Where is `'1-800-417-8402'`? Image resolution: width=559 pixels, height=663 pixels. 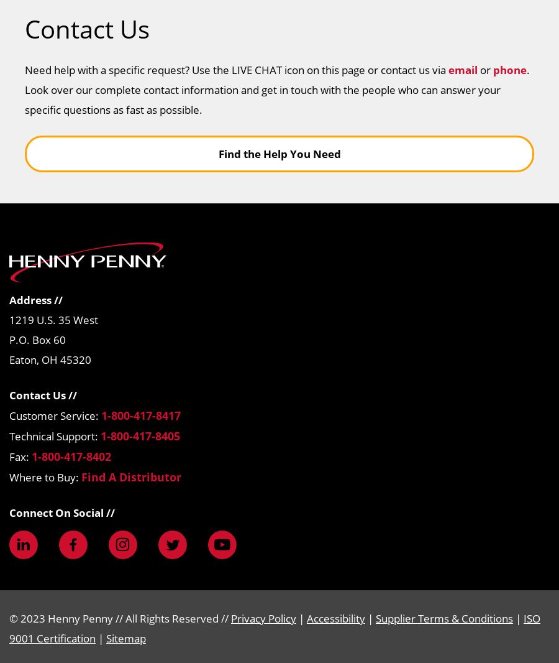
'1-800-417-8402' is located at coordinates (71, 455).